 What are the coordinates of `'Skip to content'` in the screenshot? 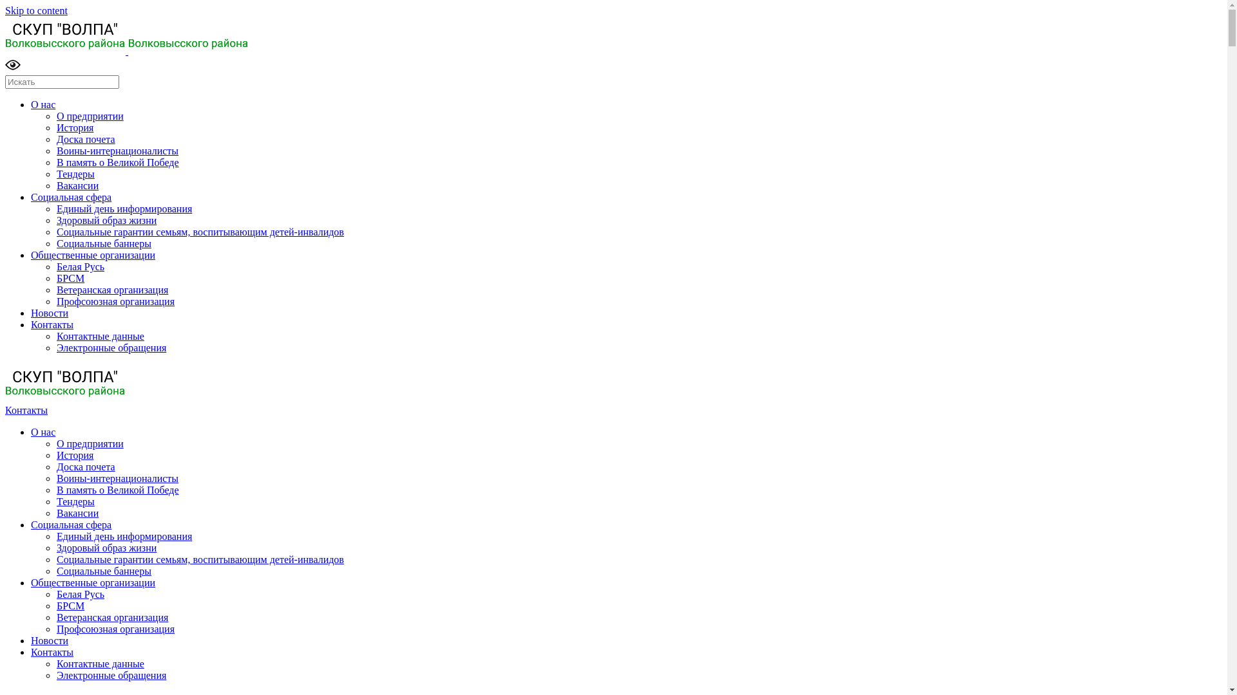 It's located at (36, 10).